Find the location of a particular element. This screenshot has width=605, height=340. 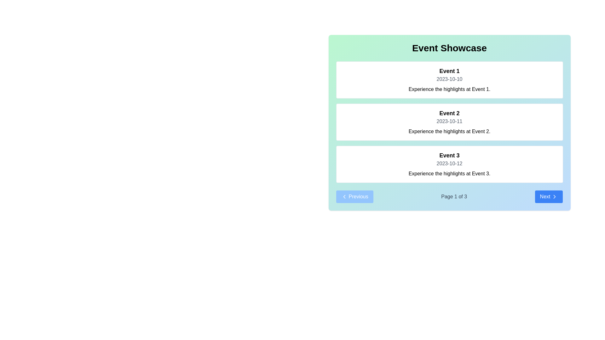

the 'Previous' button with a blue background and white text is located at coordinates (354, 196).